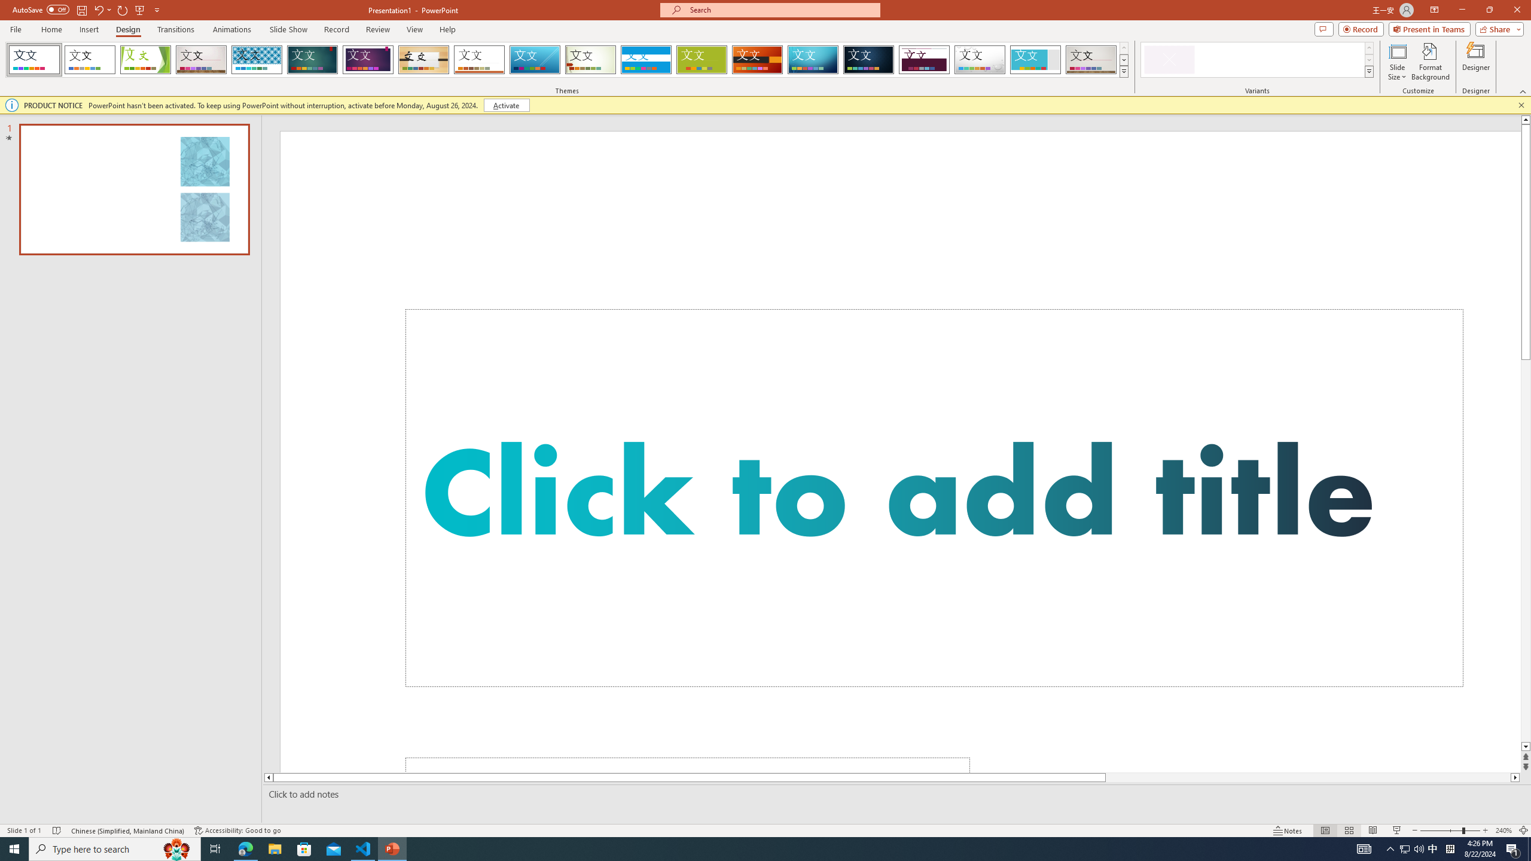 The height and width of the screenshot is (861, 1531). What do you see at coordinates (1429, 28) in the screenshot?
I see `'Present in Teams'` at bounding box center [1429, 28].